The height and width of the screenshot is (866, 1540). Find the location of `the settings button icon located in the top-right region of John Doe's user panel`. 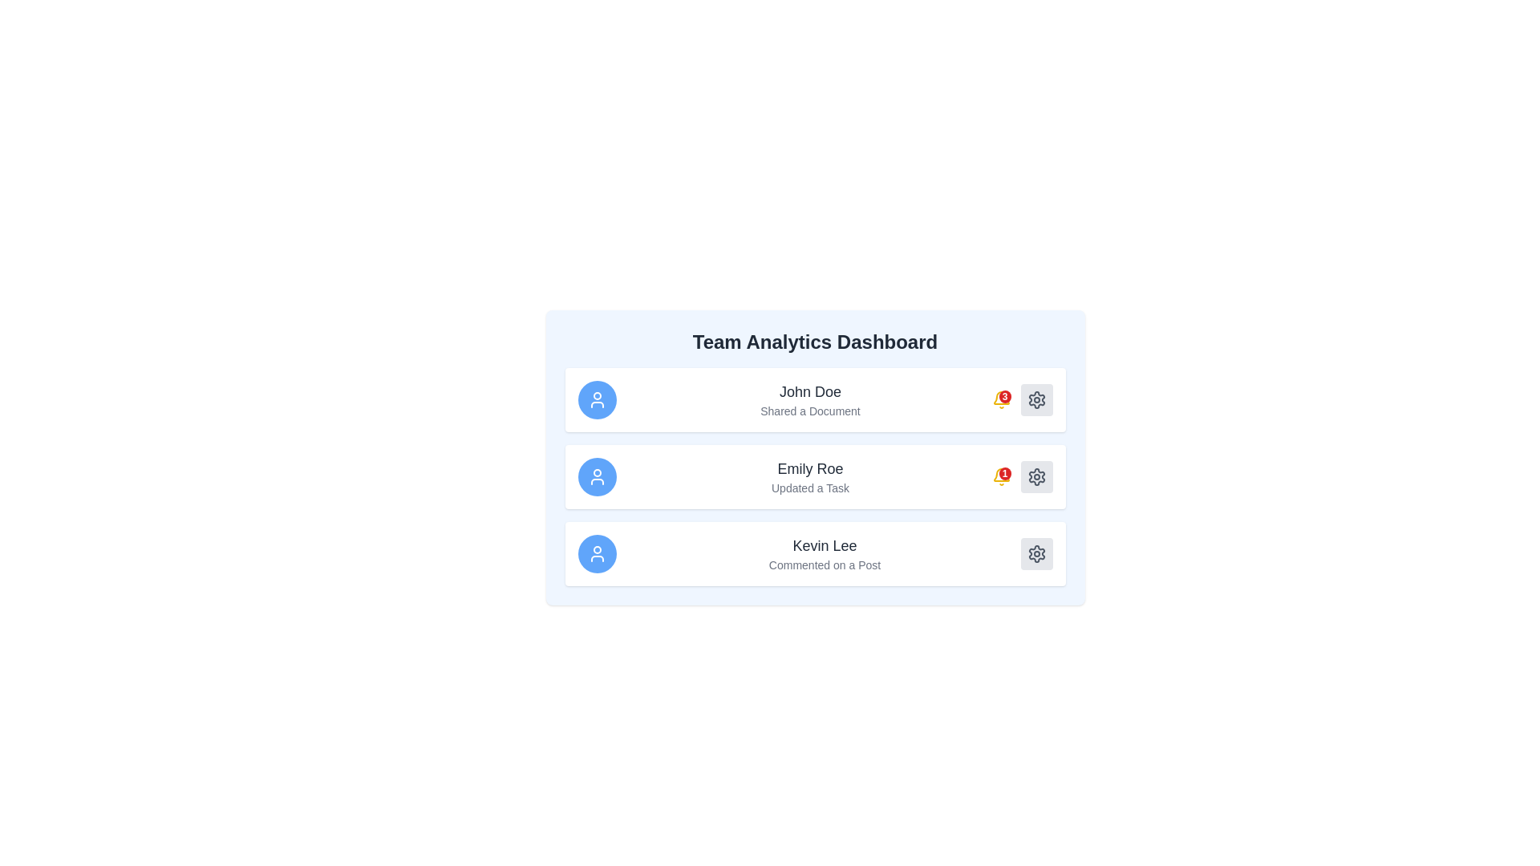

the settings button icon located in the top-right region of John Doe's user panel is located at coordinates (1036, 399).